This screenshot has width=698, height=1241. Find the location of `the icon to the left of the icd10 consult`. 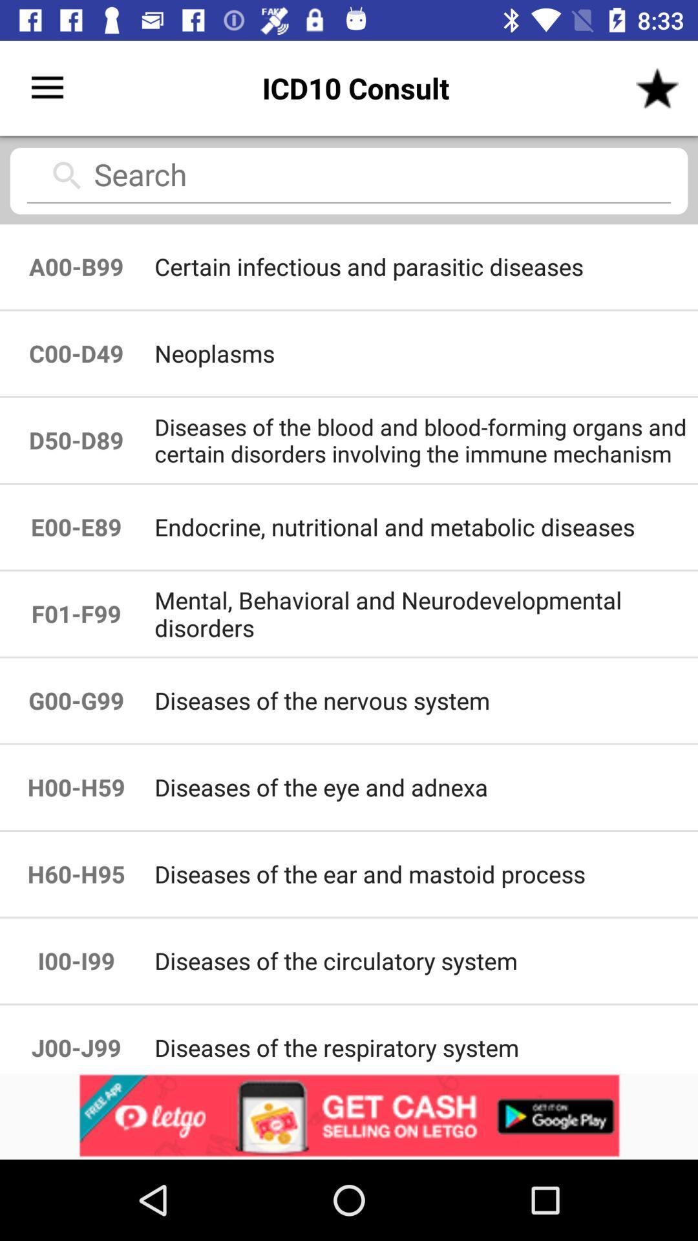

the icon to the left of the icd10 consult is located at coordinates (47, 87).